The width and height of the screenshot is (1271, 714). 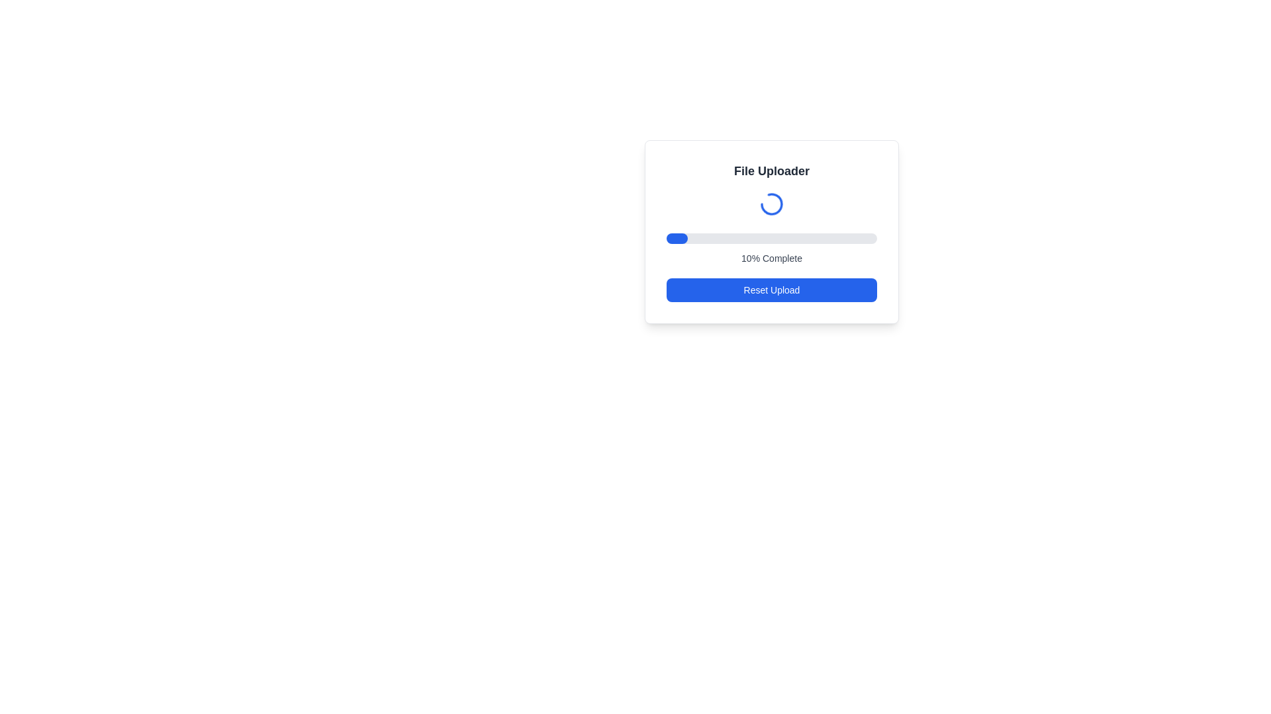 What do you see at coordinates (772, 258) in the screenshot?
I see `the text label indicating the upload progress percentage, which is positioned below the horizontal progress bar and above the 'Reset Upload' button` at bounding box center [772, 258].